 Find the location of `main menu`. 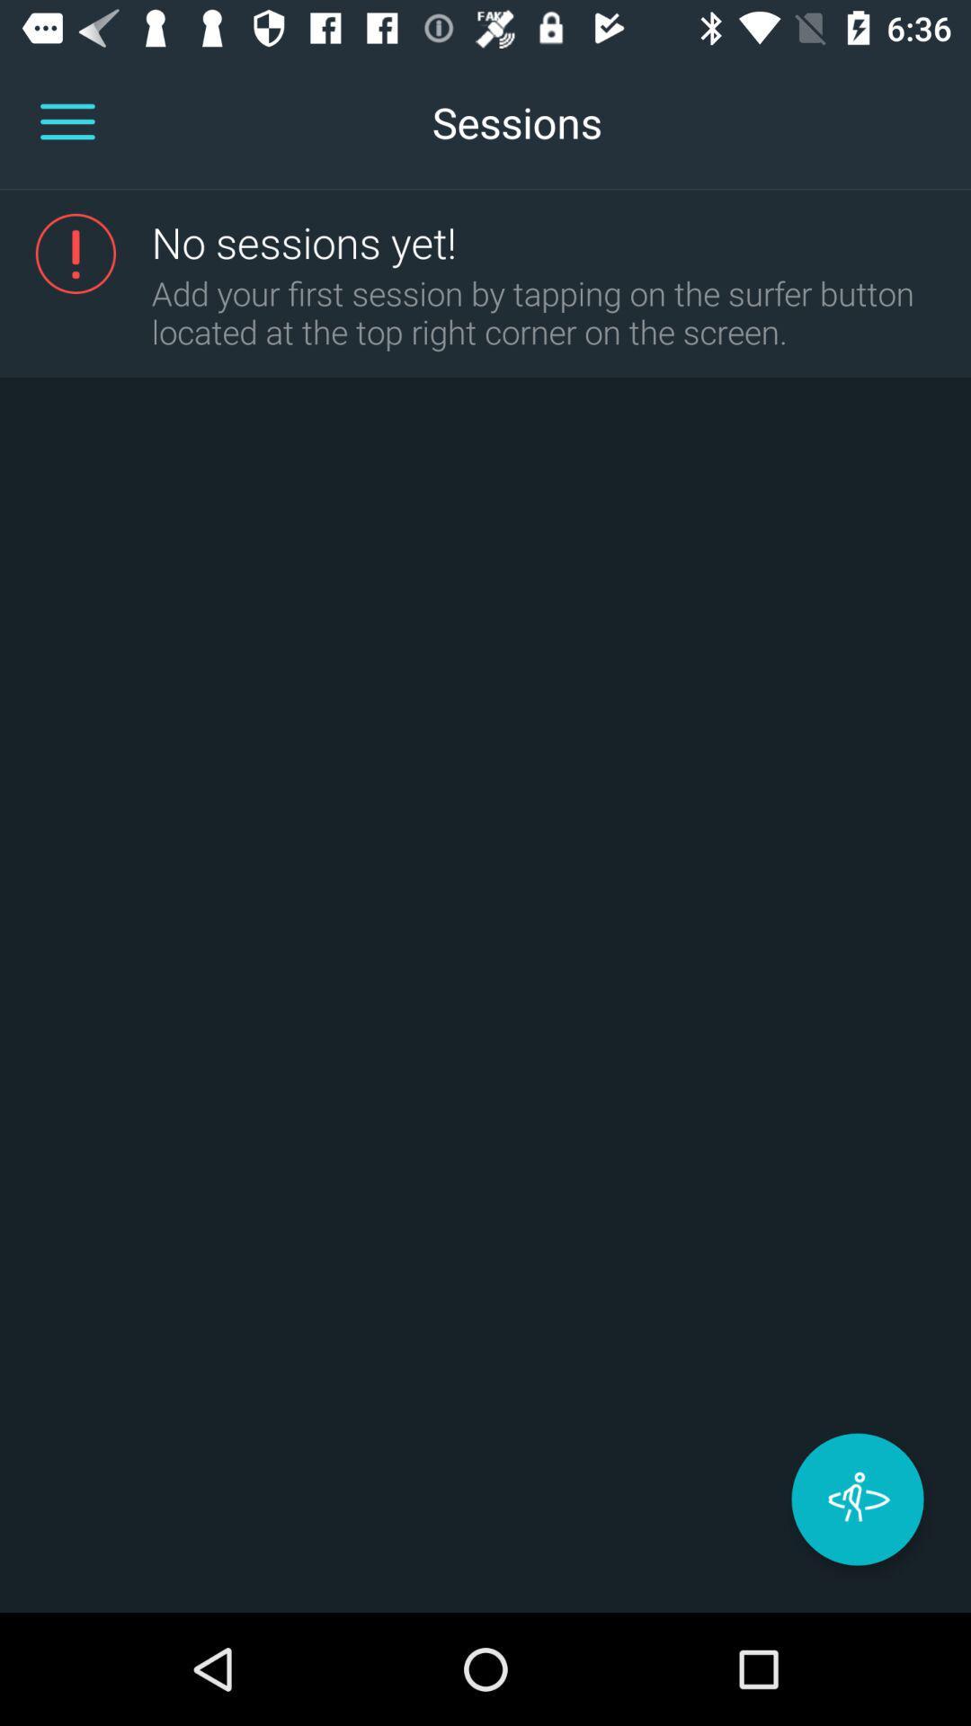

main menu is located at coordinates (67, 121).